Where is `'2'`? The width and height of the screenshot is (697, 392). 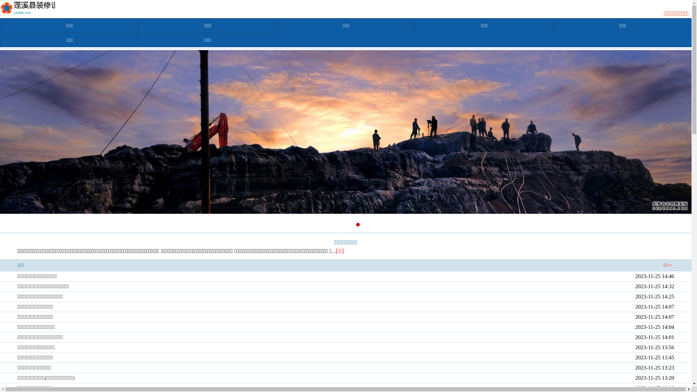
'2' is located at coordinates (341, 224).